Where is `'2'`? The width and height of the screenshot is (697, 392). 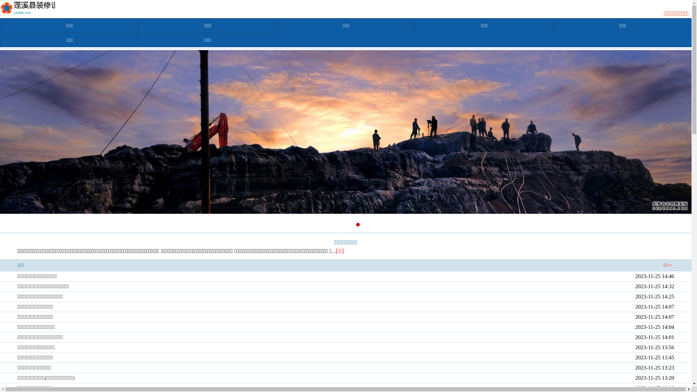
'2' is located at coordinates (341, 224).